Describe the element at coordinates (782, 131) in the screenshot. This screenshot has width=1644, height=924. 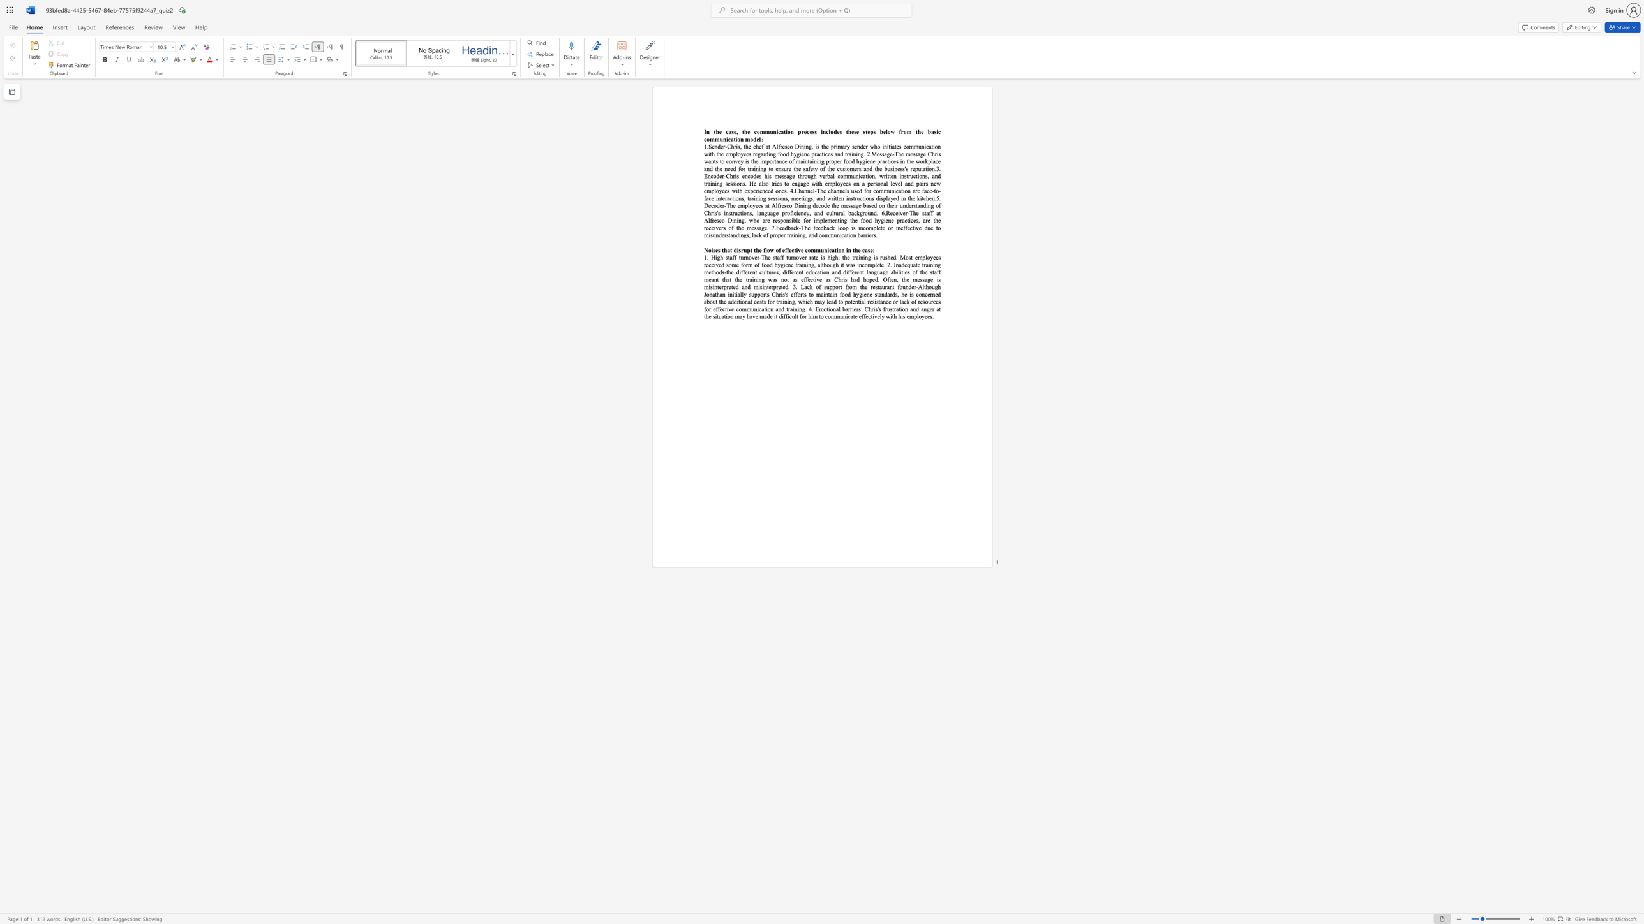
I see `the 2th character "a" in the text` at that location.